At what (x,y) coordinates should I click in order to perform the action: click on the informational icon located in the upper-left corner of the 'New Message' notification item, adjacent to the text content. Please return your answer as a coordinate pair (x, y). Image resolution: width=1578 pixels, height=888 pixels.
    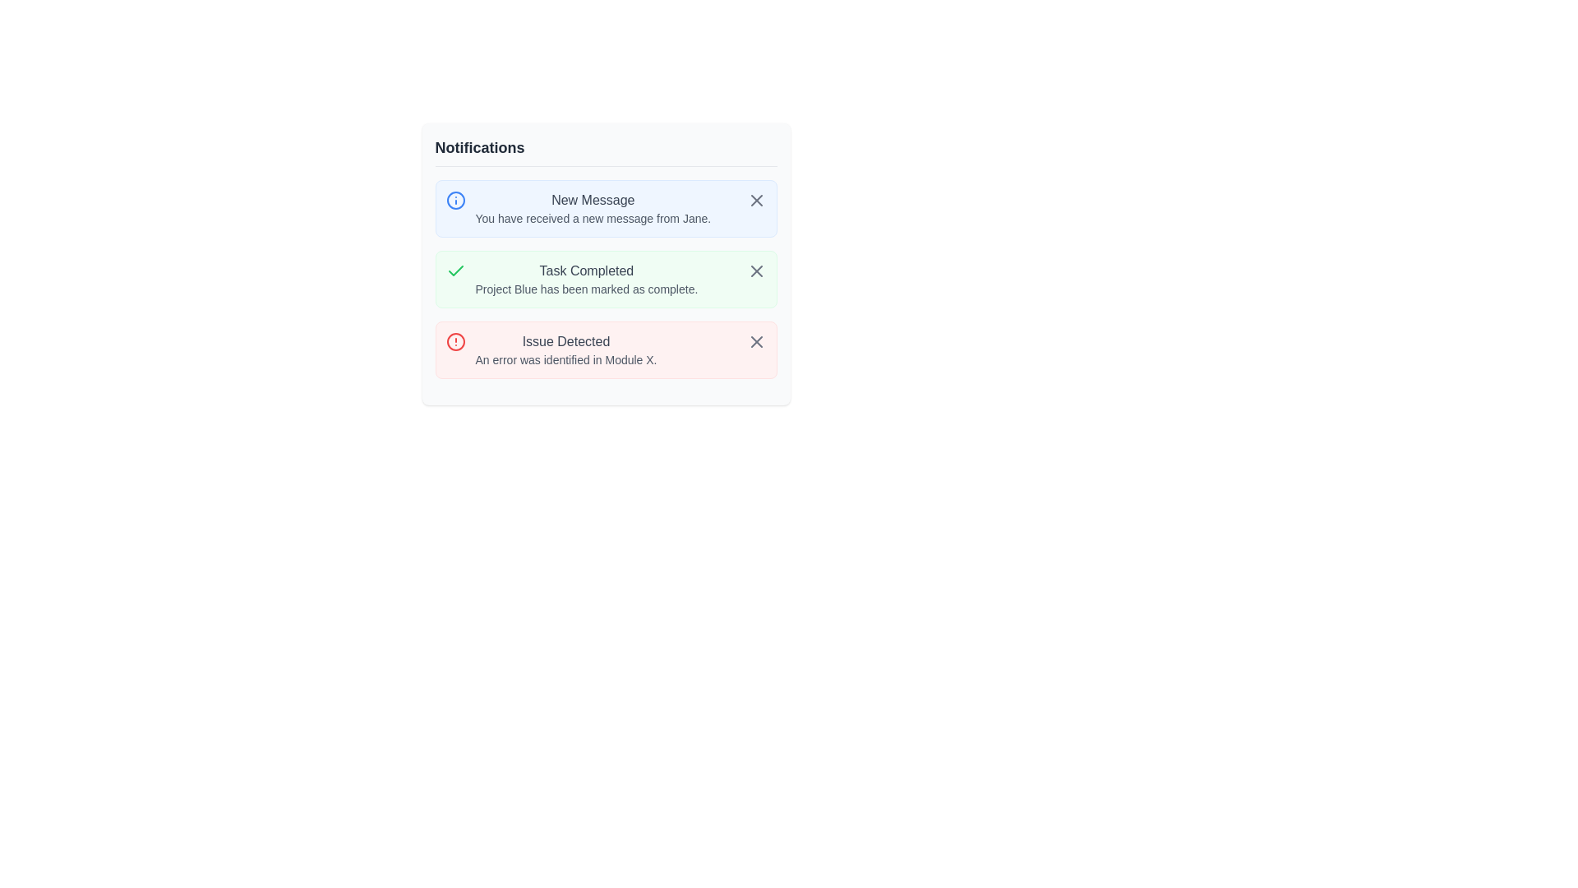
    Looking at the image, I should click on (455, 199).